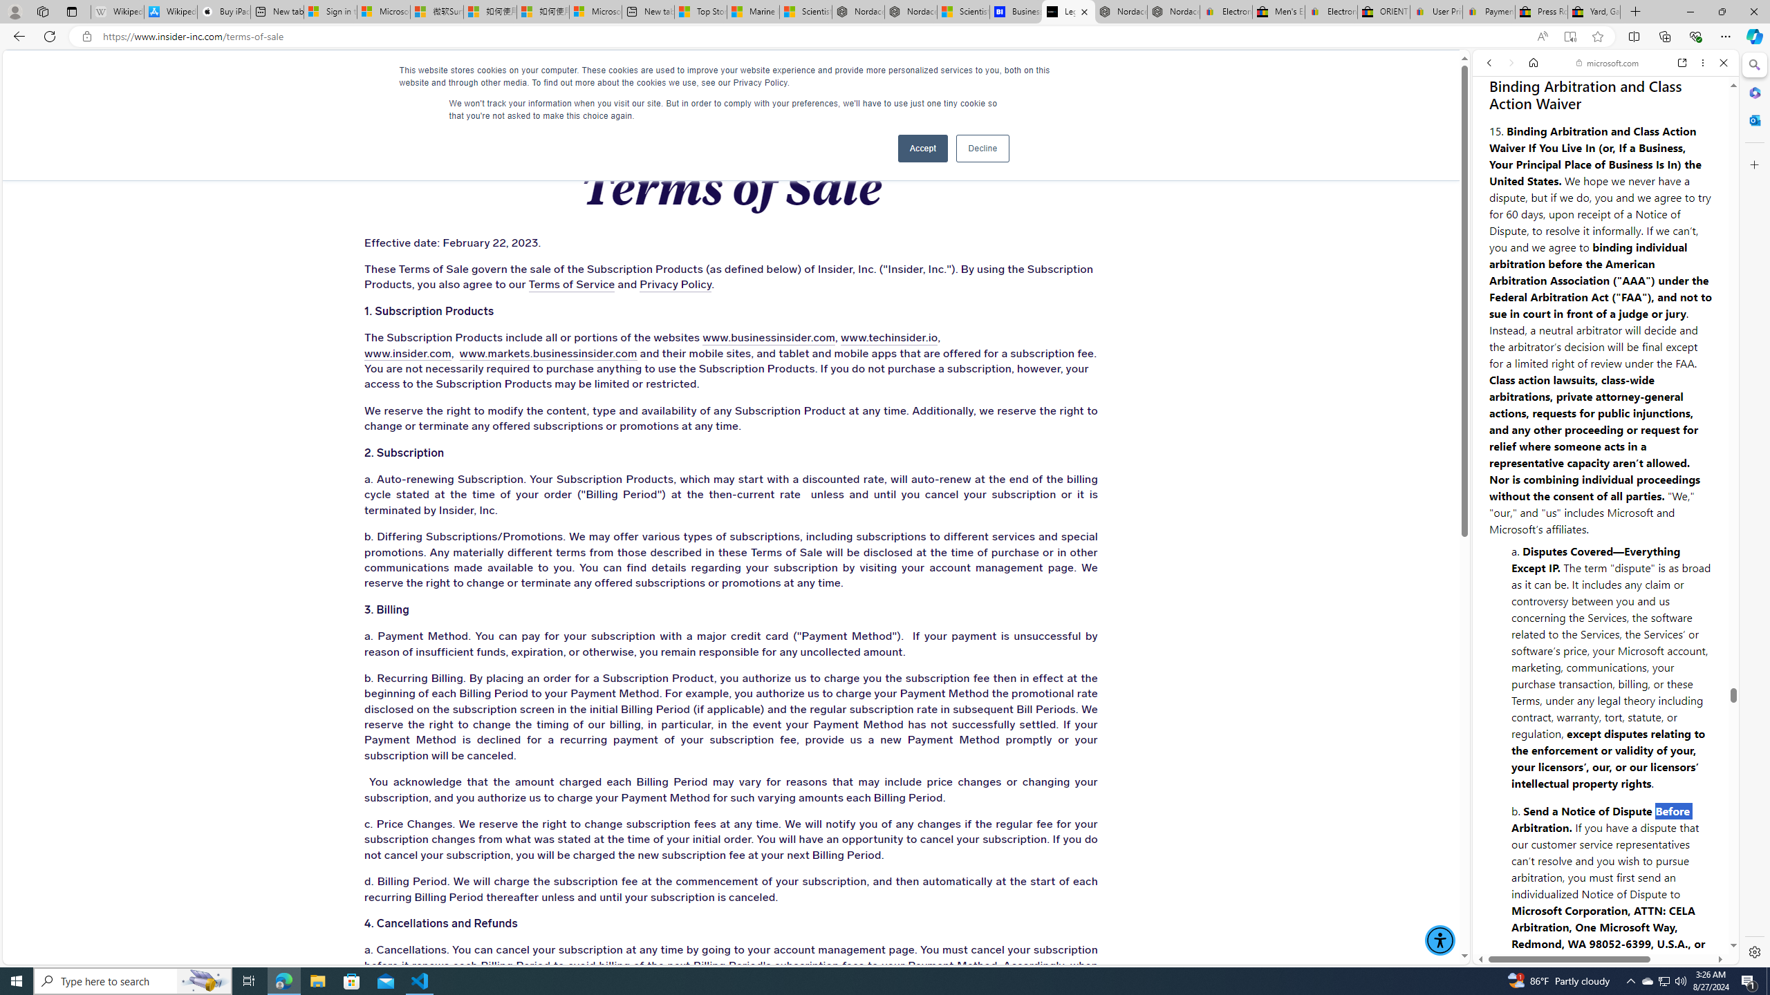 Image resolution: width=1770 pixels, height=995 pixels. What do you see at coordinates (752, 11) in the screenshot?
I see `'Marine life - MSN'` at bounding box center [752, 11].